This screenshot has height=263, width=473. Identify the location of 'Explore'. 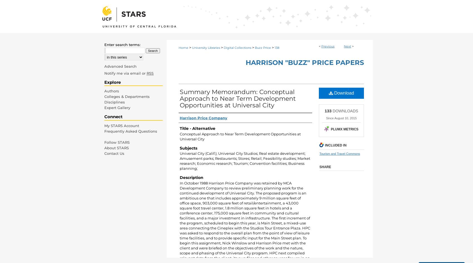
(112, 82).